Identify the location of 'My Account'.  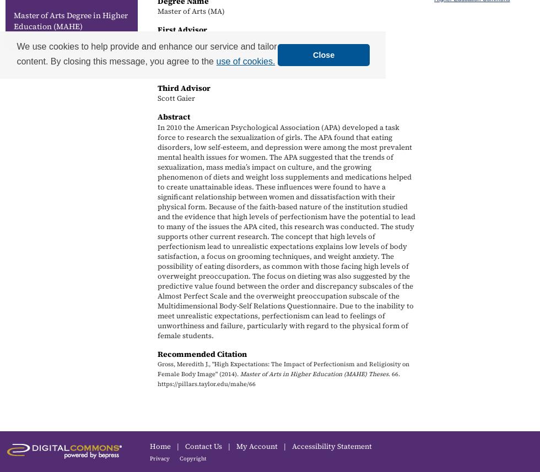
(258, 446).